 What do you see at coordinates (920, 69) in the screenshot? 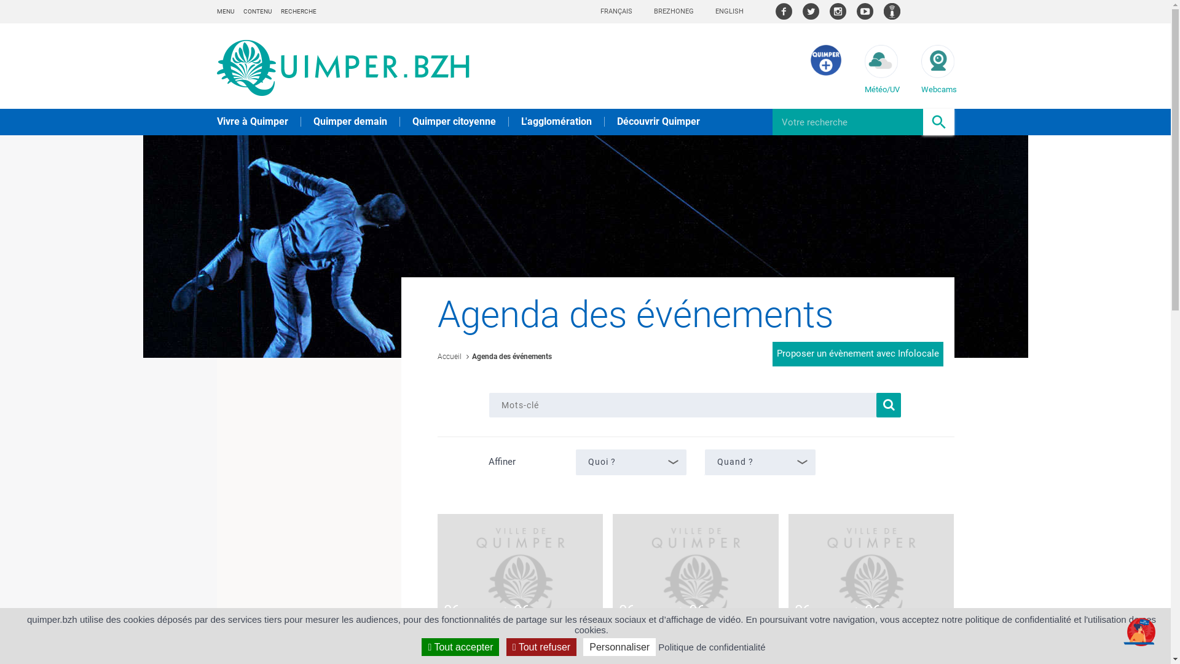
I see `'Webcams'` at bounding box center [920, 69].